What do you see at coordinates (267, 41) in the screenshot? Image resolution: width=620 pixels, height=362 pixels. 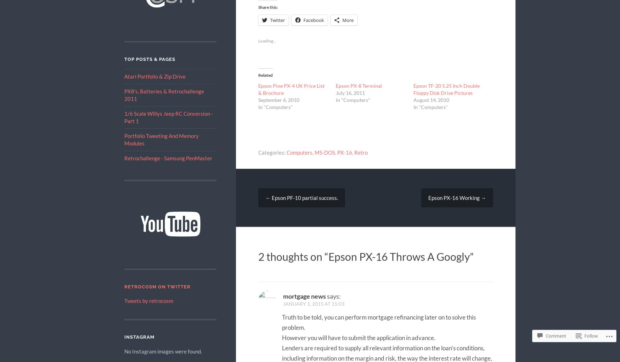 I see `'Loading...'` at bounding box center [267, 41].